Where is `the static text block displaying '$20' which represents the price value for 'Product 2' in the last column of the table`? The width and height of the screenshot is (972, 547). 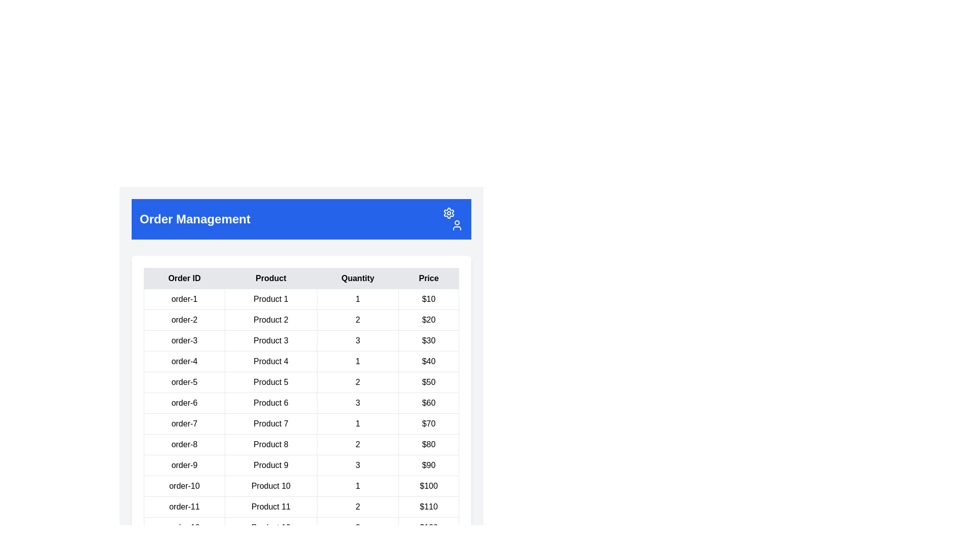
the static text block displaying '$20' which represents the price value for 'Product 2' in the last column of the table is located at coordinates (429, 320).